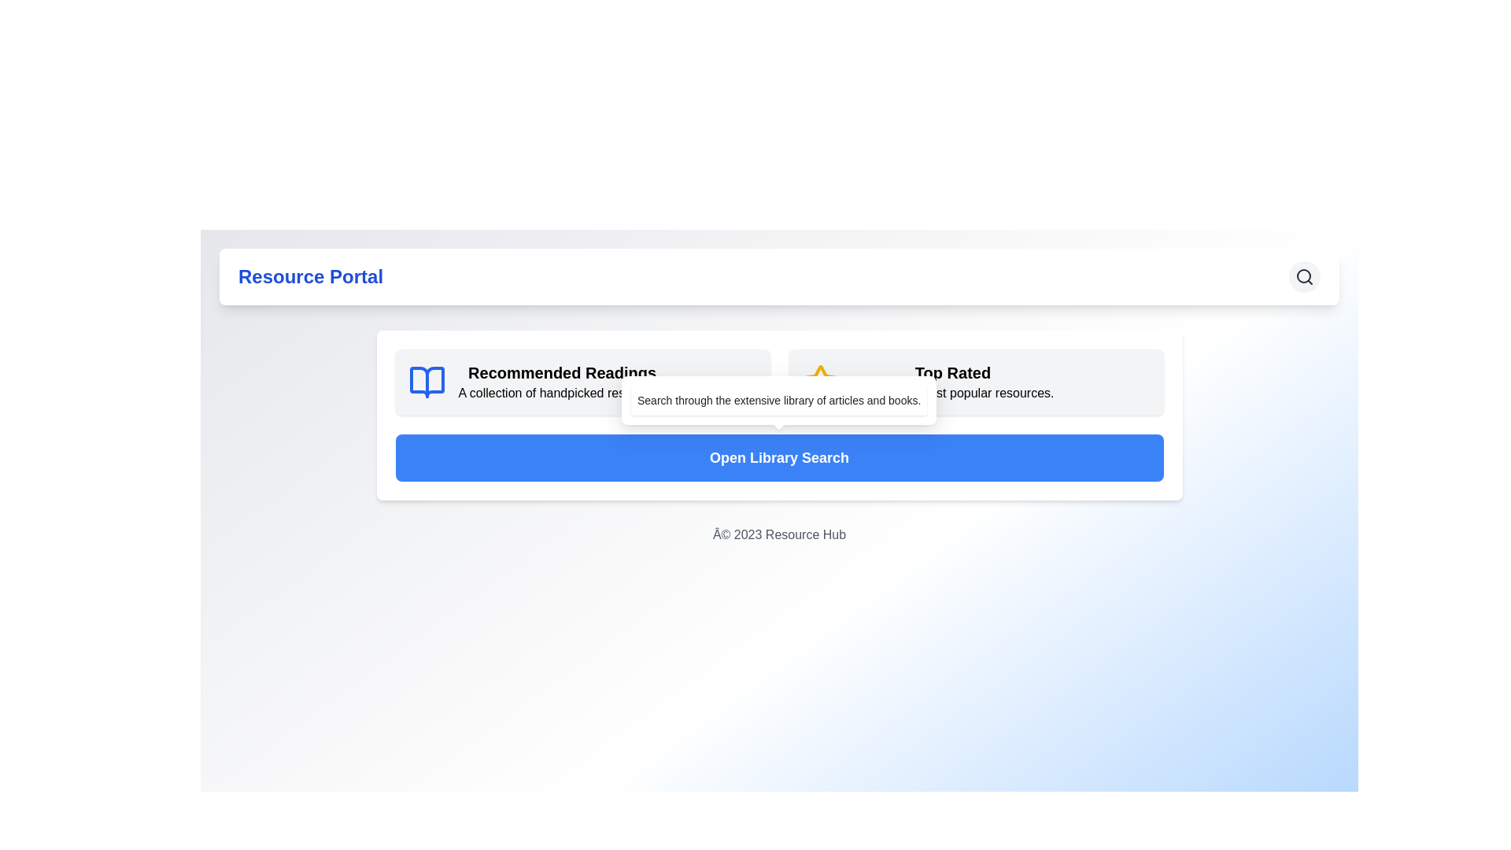  Describe the element at coordinates (1303, 275) in the screenshot. I see `the circular graphic element located within the magnifying glass icon in the top-right corner of the interface` at that location.